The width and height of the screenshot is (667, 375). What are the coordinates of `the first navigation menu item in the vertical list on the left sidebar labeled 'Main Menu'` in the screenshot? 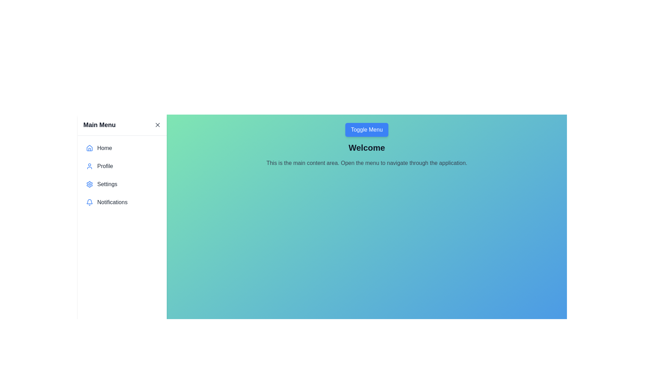 It's located at (122, 148).